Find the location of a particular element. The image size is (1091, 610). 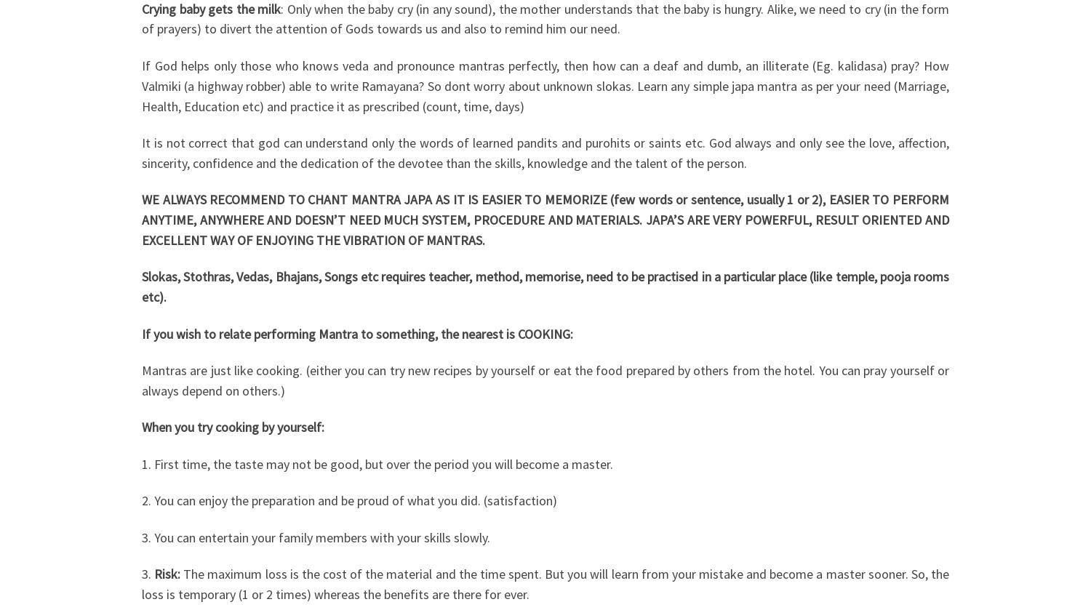

'3. You can entertain your family members with your skills slowly.' is located at coordinates (316, 536).